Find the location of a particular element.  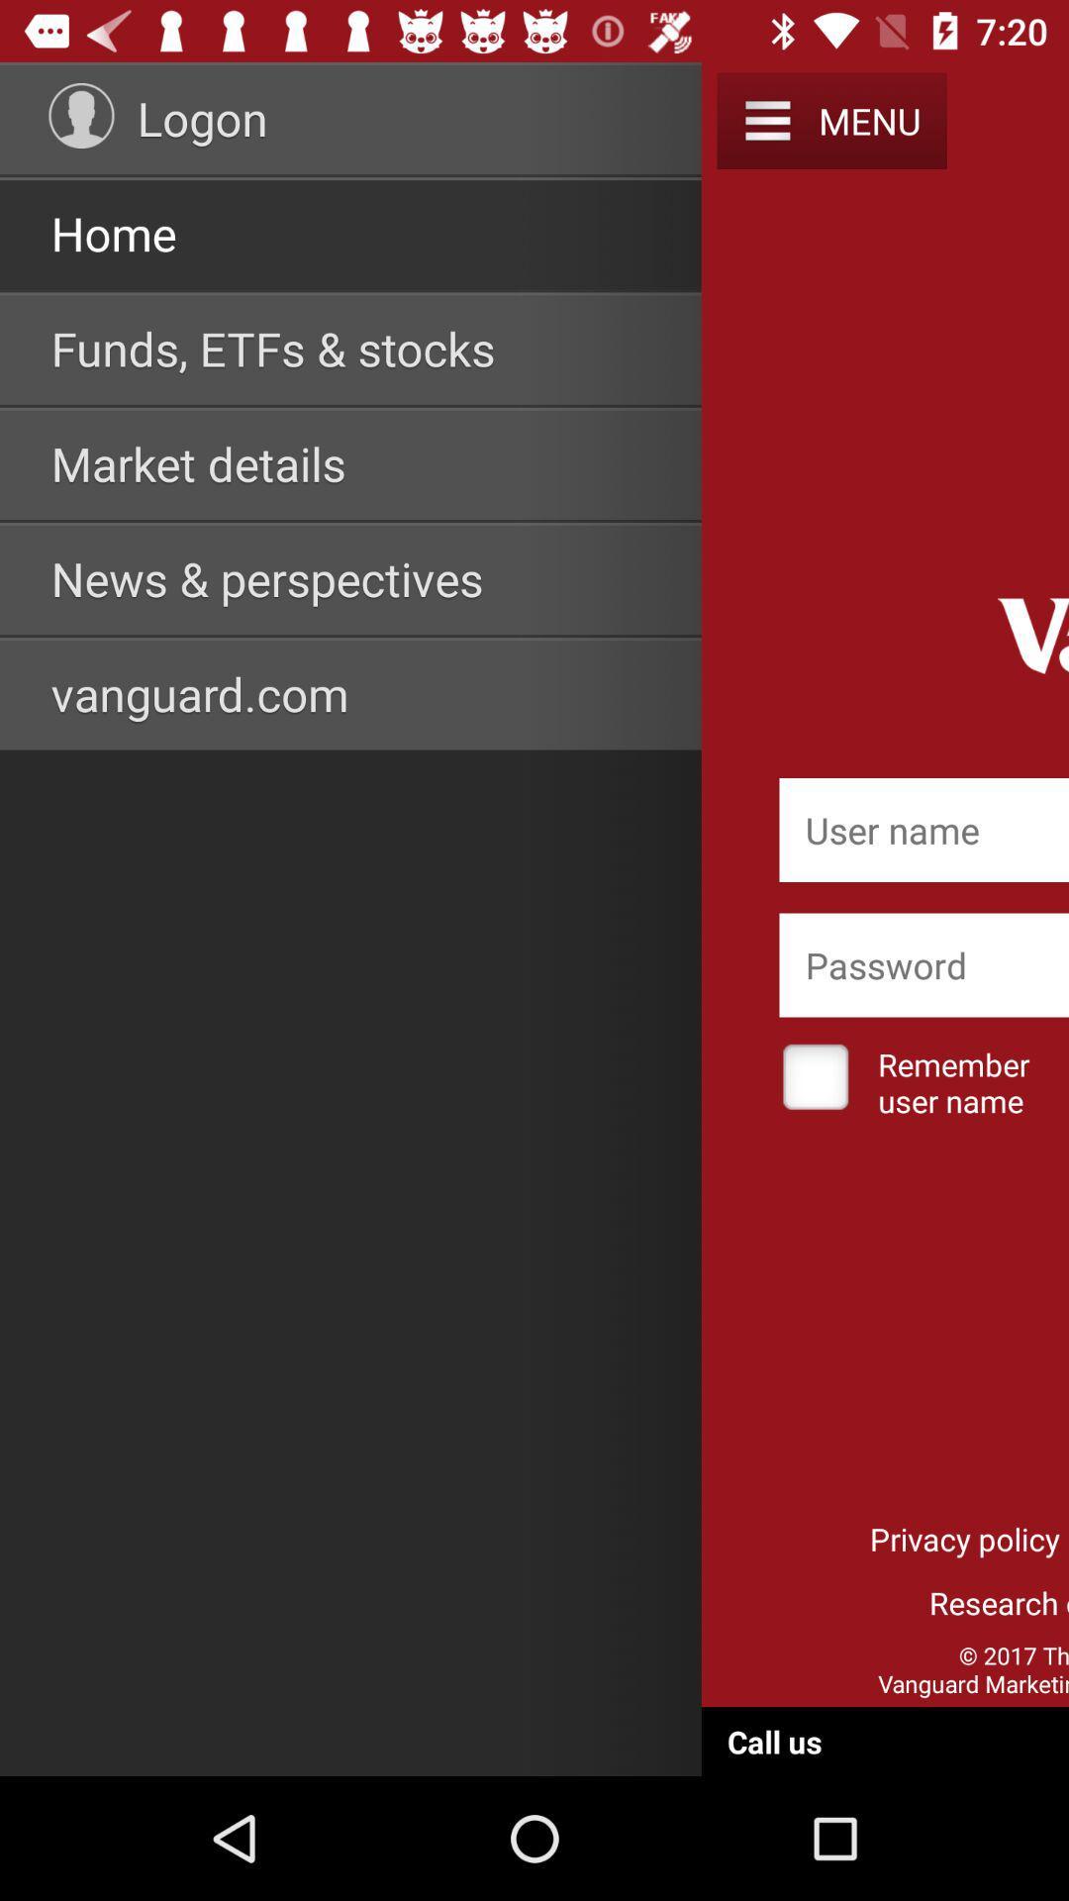

the text above the text passowrd is located at coordinates (923, 830).